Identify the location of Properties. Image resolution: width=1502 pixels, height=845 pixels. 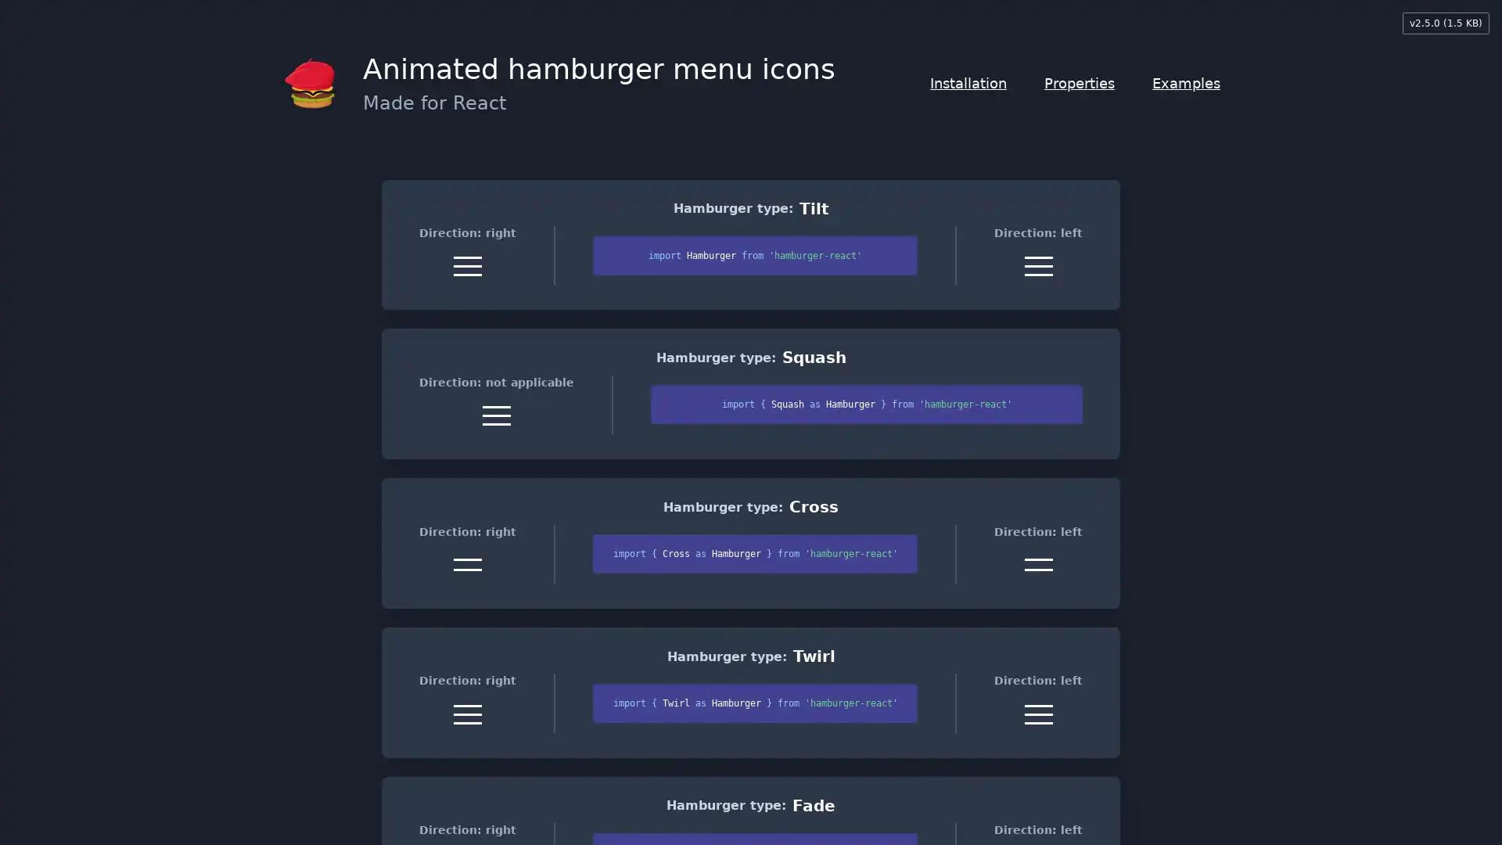
(1079, 83).